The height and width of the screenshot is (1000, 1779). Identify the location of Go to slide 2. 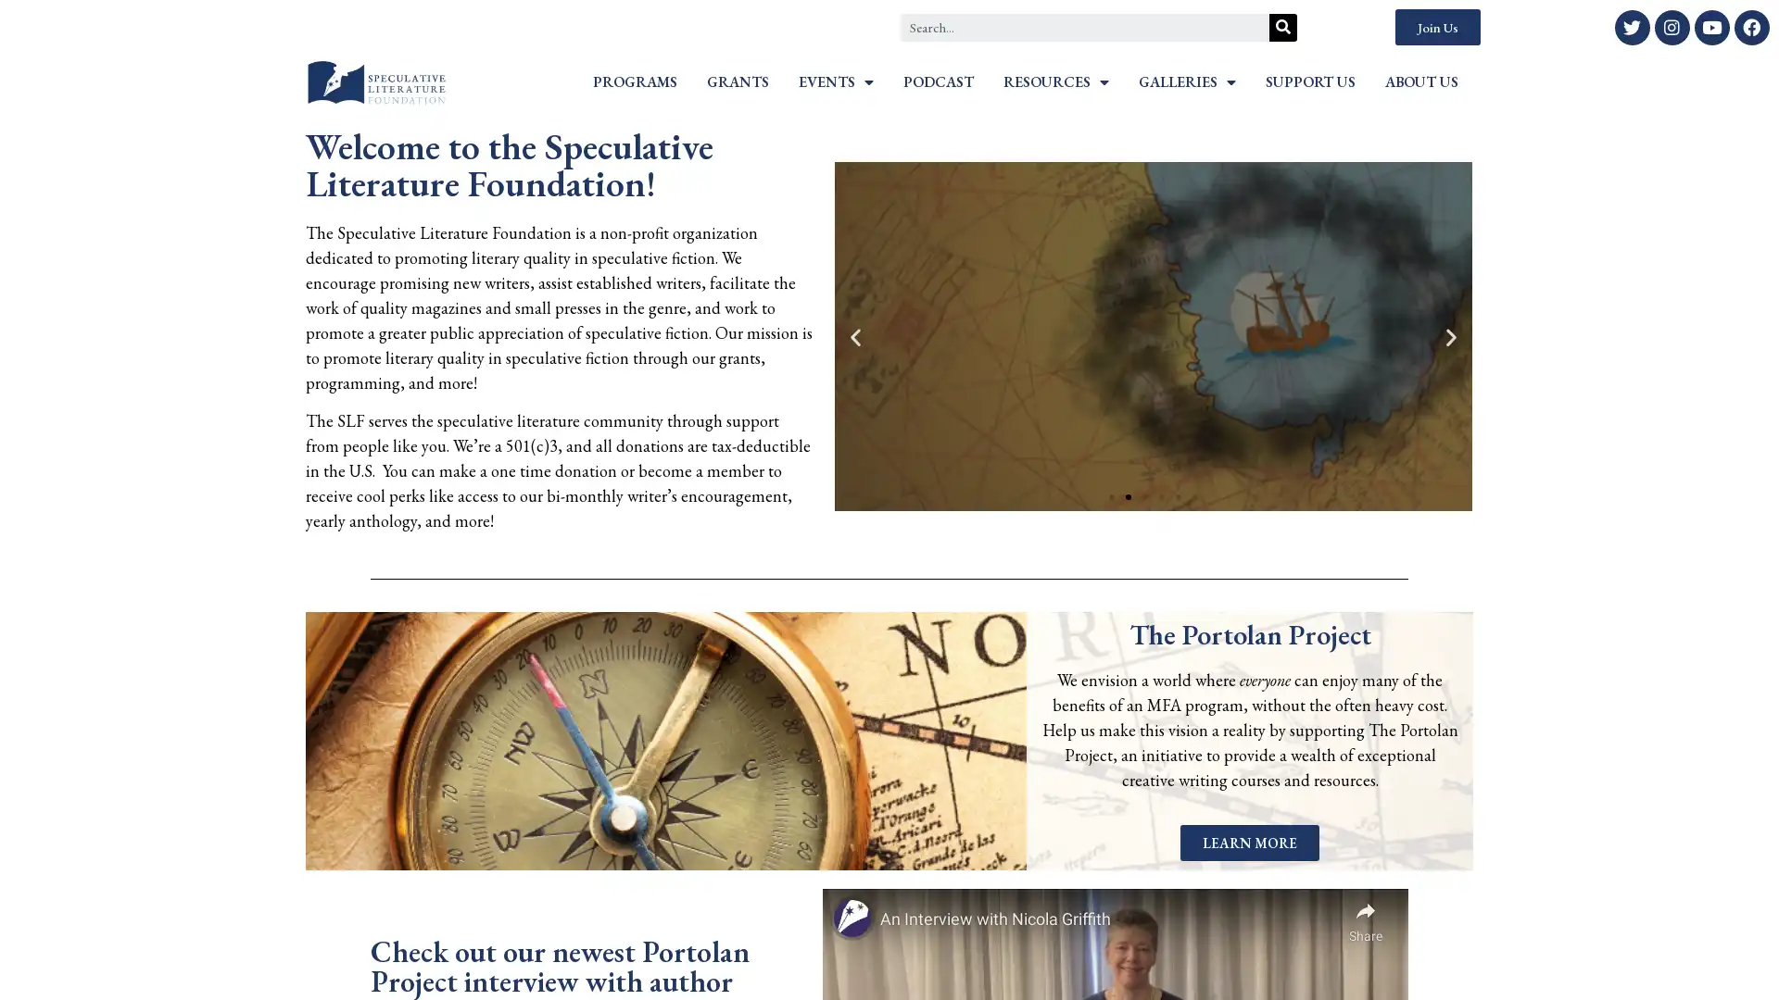
(1128, 495).